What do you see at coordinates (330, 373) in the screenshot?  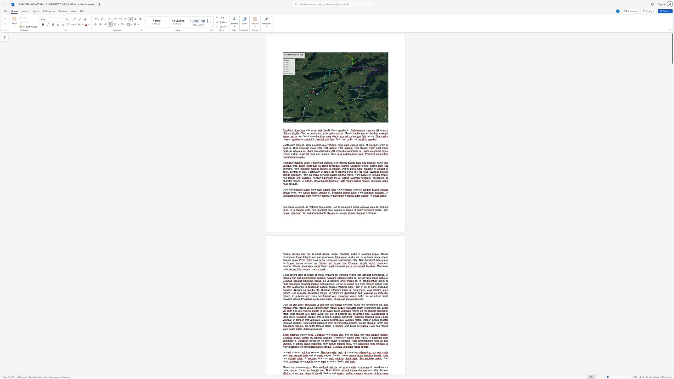 I see `the space between the continuous character "a" and "c" in the text` at bounding box center [330, 373].